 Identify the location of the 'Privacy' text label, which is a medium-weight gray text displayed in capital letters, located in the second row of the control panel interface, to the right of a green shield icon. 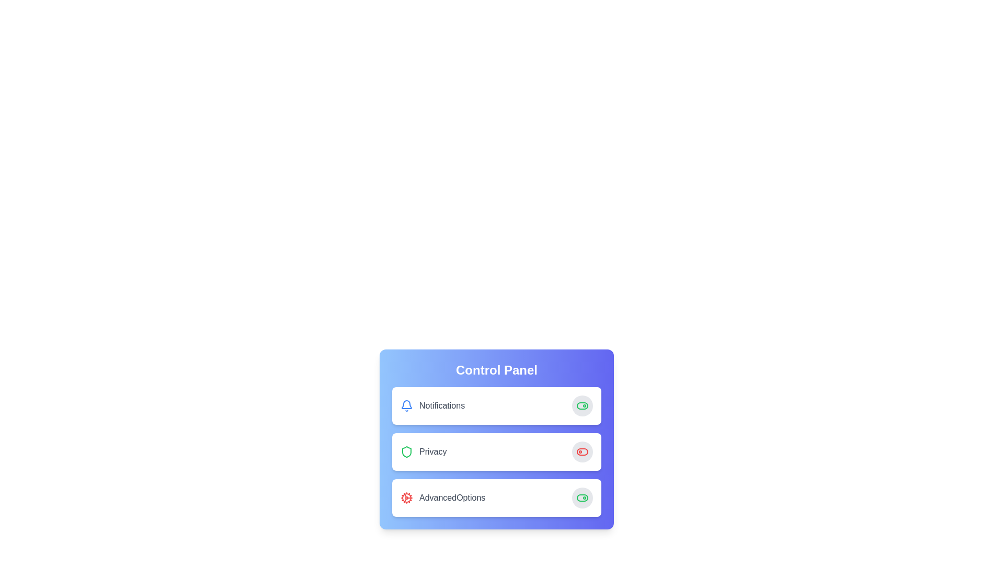
(433, 451).